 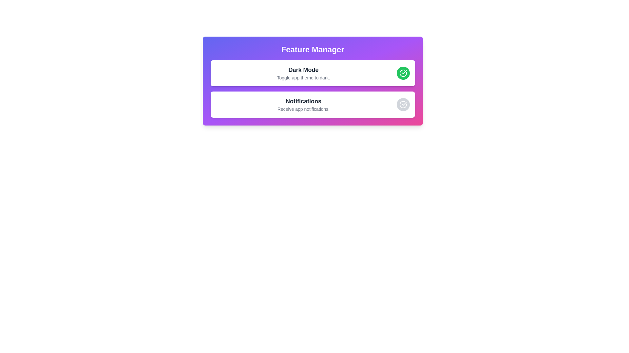 What do you see at coordinates (303, 77) in the screenshot?
I see `the Text Label that provides additional details about the 'Dark Mode' feature, located under the 'Dark Mode' heading in the feature settings card` at bounding box center [303, 77].